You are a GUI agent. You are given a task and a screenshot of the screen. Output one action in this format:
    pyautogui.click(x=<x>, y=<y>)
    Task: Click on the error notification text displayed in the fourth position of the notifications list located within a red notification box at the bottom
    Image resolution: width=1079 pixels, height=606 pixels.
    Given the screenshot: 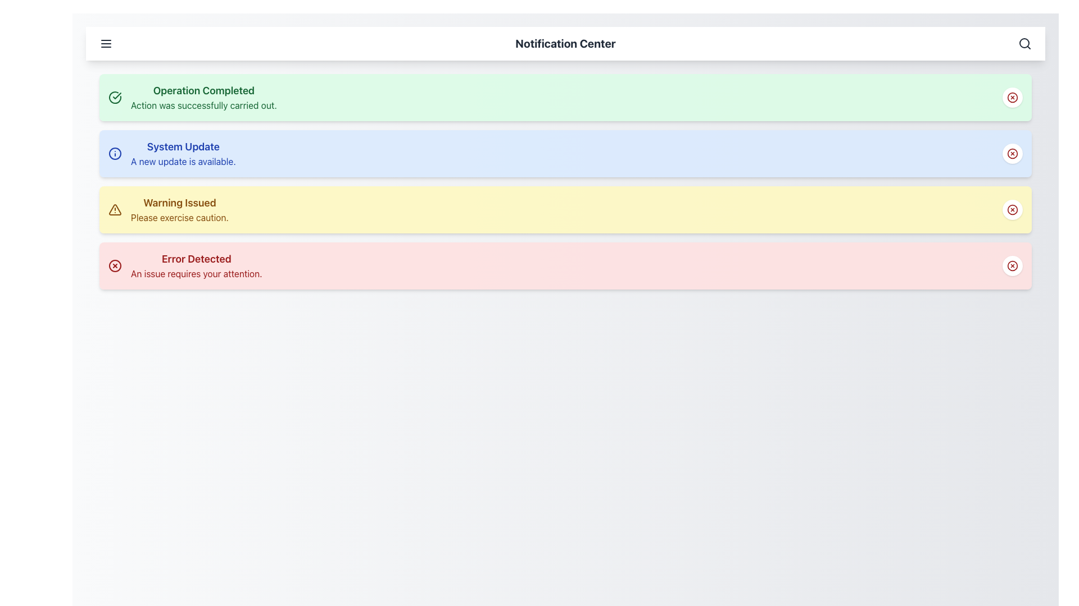 What is the action you would take?
    pyautogui.click(x=196, y=266)
    